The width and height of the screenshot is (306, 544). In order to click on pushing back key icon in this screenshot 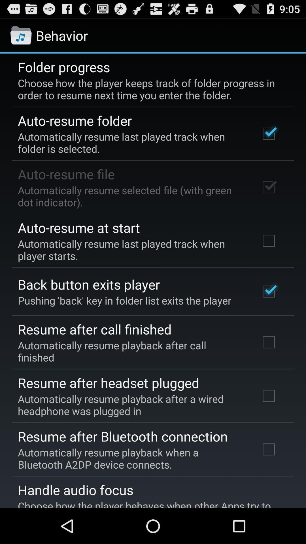, I will do `click(124, 300)`.